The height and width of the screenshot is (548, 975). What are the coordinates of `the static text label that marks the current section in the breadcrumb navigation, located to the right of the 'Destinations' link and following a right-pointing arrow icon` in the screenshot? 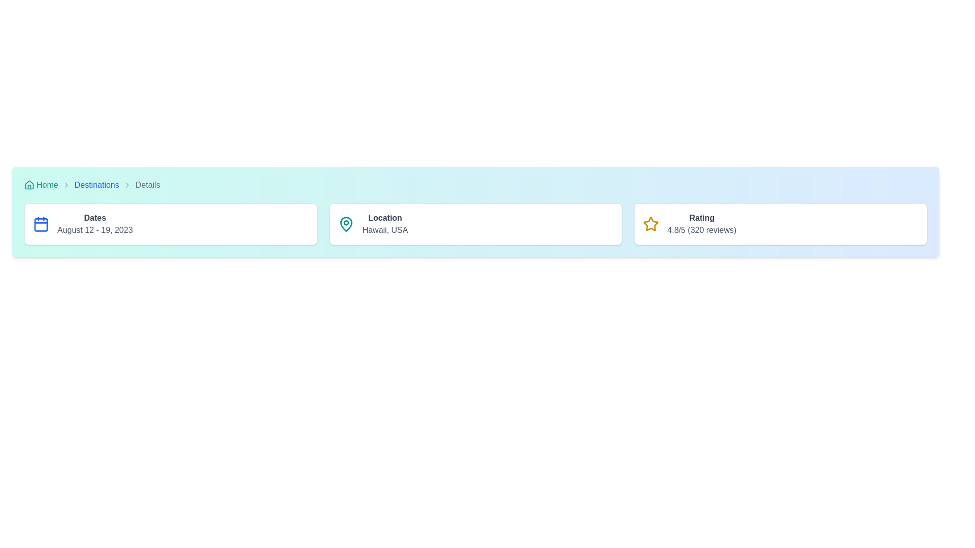 It's located at (147, 185).